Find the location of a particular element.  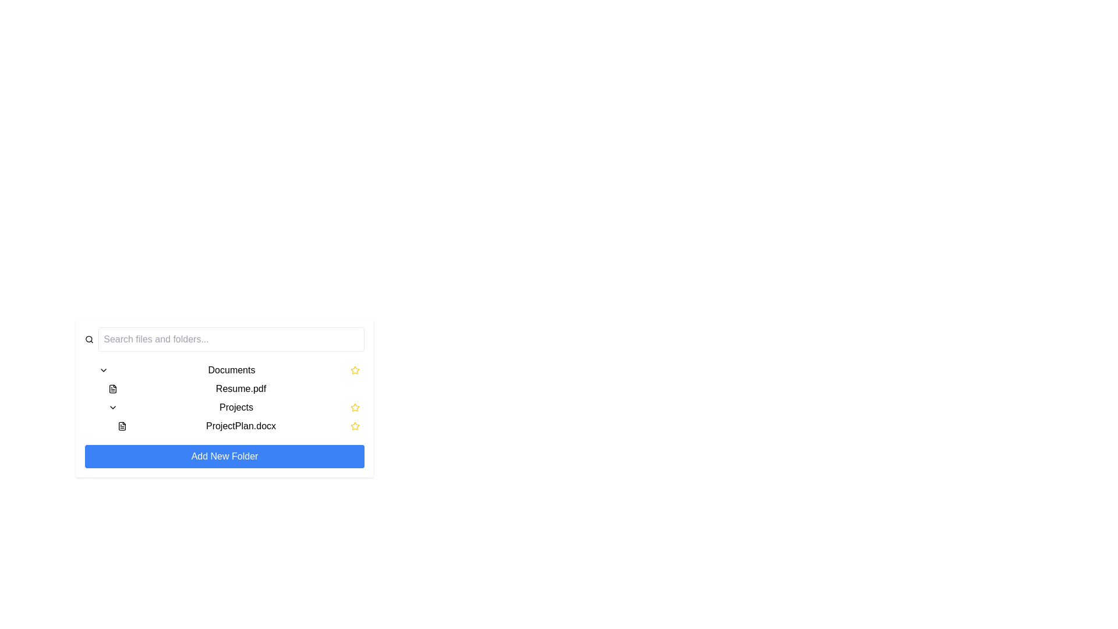

the text label 'Resume.pdf' with the associated file icon is located at coordinates (233, 388).